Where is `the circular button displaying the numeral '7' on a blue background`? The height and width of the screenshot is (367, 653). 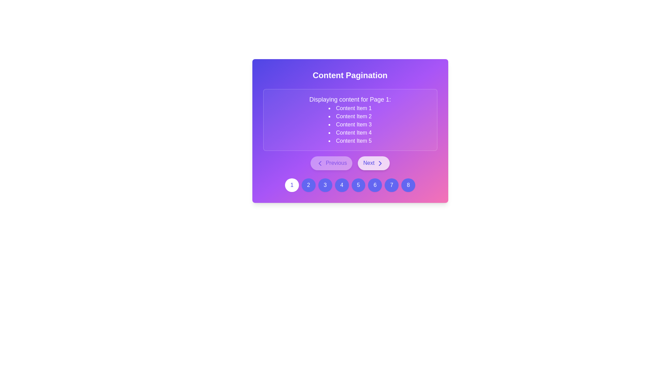 the circular button displaying the numeral '7' on a blue background is located at coordinates (391, 185).